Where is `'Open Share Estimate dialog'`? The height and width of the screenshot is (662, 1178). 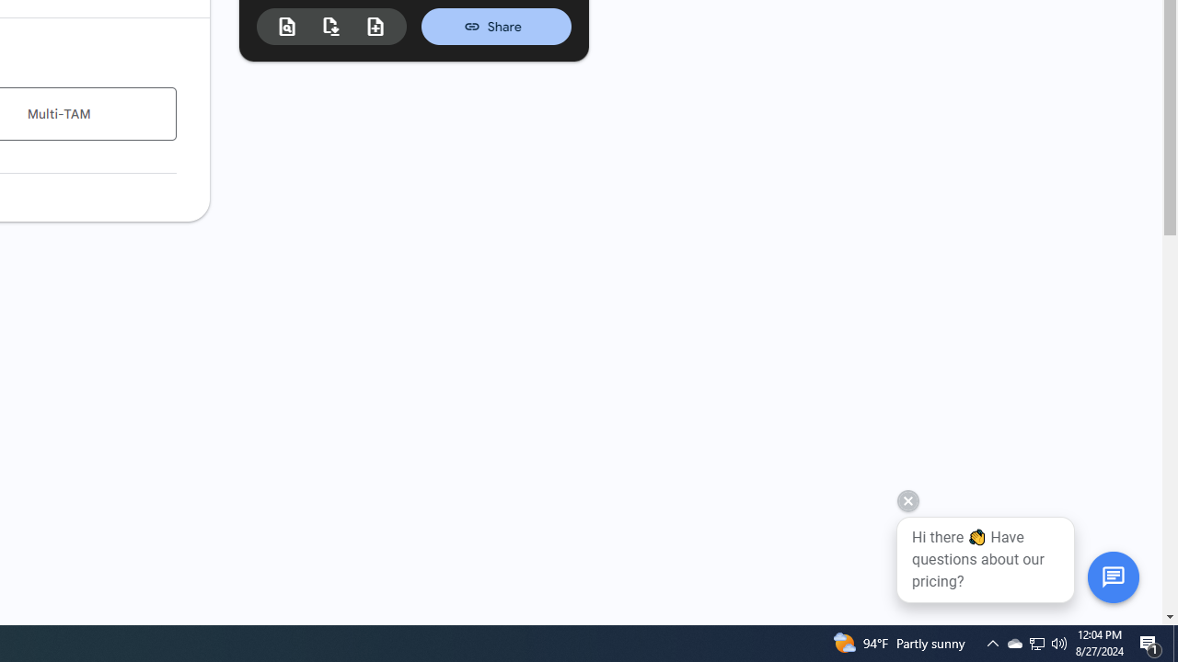 'Open Share Estimate dialog' is located at coordinates (496, 26).